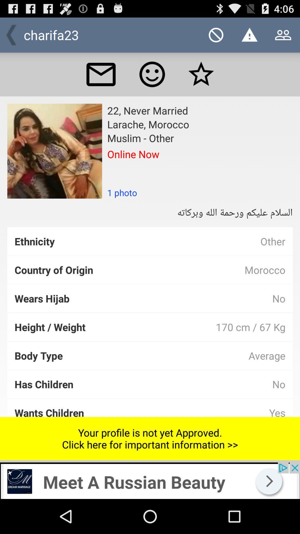  I want to click on message option, so click(101, 74).